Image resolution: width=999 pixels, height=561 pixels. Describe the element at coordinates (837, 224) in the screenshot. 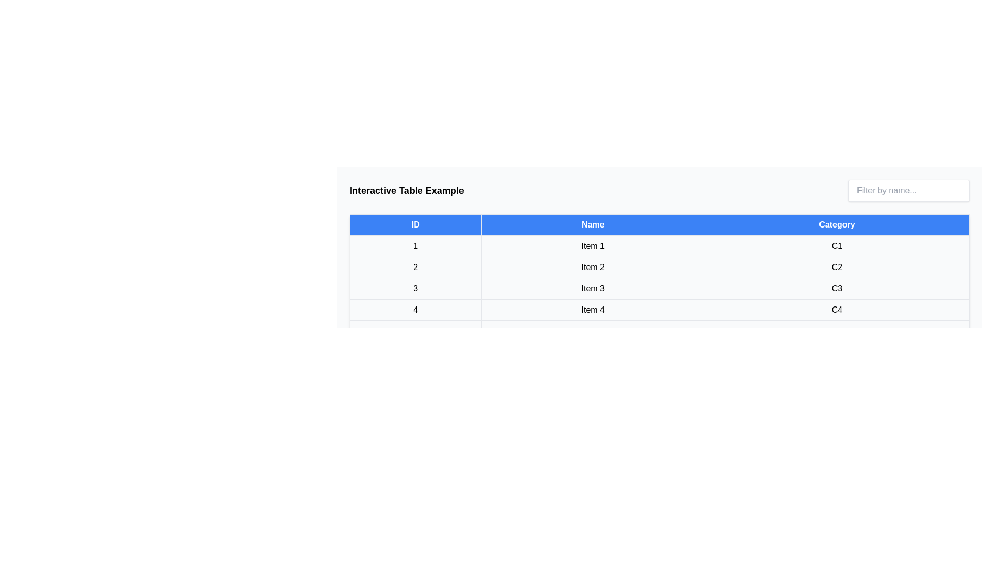

I see `the table header Category to sort the table by that column` at that location.